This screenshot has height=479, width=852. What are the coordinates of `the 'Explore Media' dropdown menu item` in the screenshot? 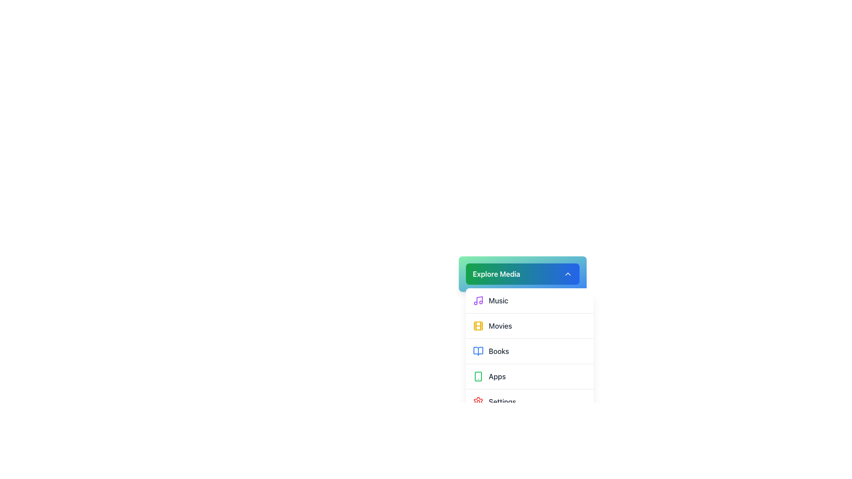 It's located at (500, 326).